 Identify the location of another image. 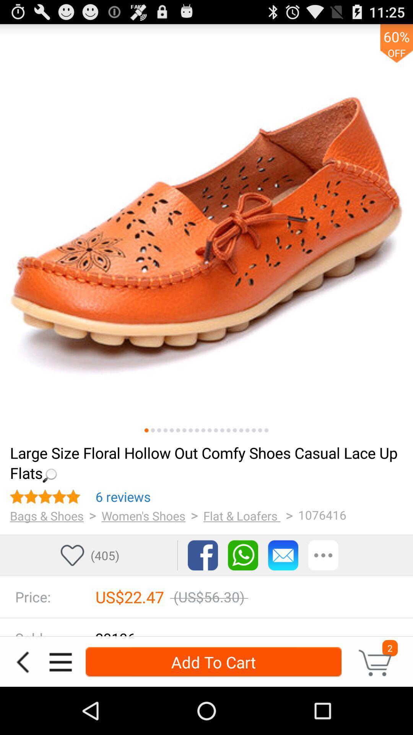
(178, 430).